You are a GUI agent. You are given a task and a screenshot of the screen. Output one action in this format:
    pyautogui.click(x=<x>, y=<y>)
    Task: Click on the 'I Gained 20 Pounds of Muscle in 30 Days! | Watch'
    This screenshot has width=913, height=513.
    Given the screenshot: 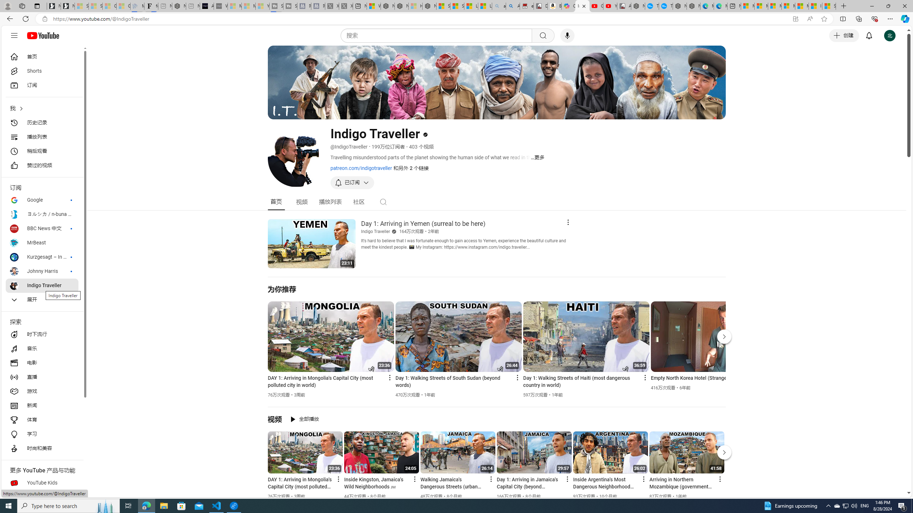 What is the action you would take?
    pyautogui.click(x=815, y=6)
    